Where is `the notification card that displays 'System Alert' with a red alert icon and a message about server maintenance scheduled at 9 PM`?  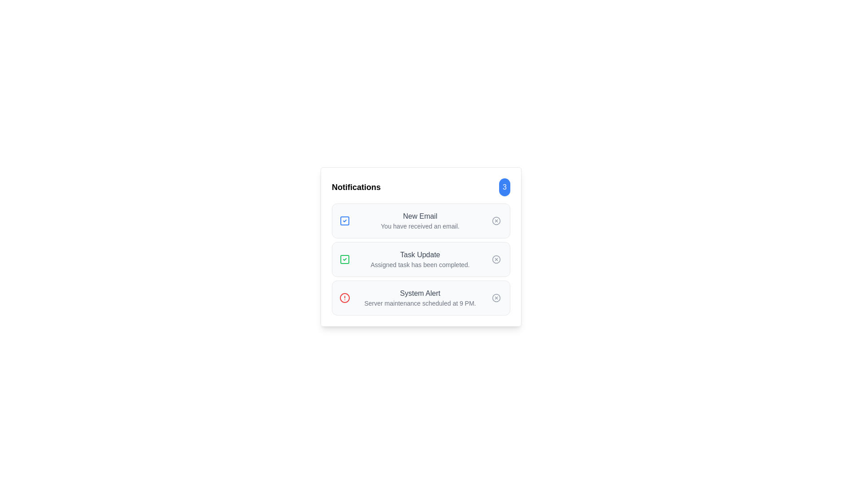 the notification card that displays 'System Alert' with a red alert icon and a message about server maintenance scheduled at 9 PM is located at coordinates (419, 298).